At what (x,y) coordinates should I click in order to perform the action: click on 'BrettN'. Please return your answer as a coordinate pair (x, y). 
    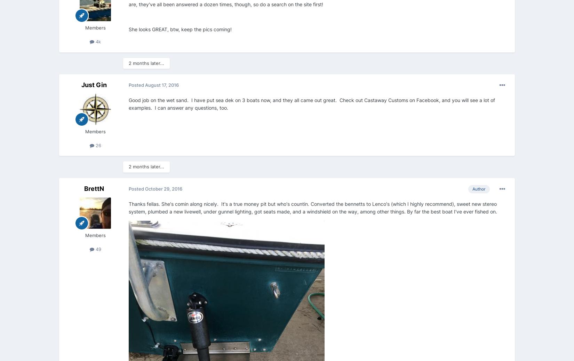
    Looking at the image, I should click on (94, 188).